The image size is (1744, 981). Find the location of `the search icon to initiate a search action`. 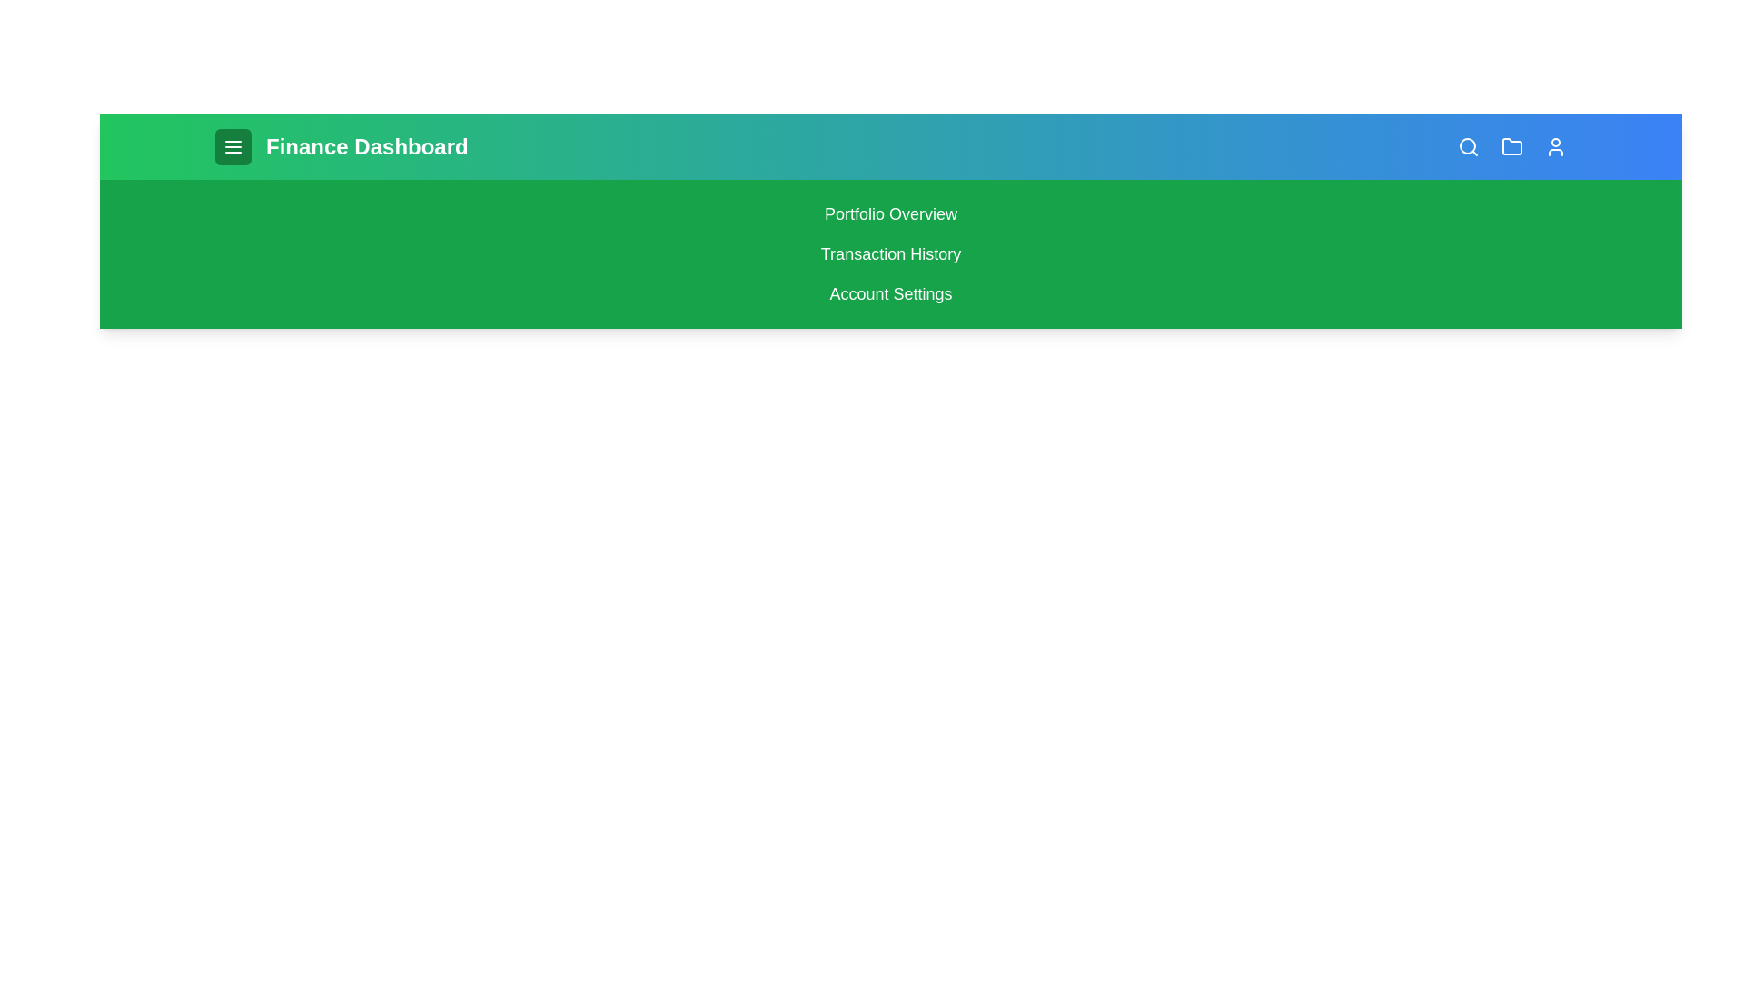

the search icon to initiate a search action is located at coordinates (1469, 146).